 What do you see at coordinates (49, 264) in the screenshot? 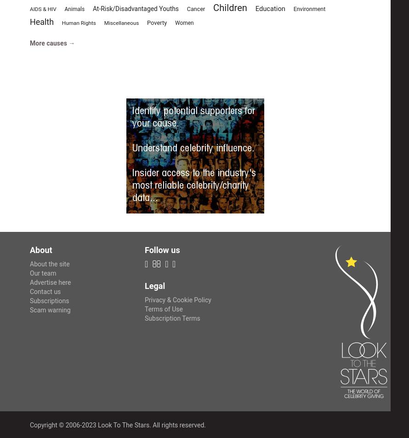
I see `'About the site'` at bounding box center [49, 264].